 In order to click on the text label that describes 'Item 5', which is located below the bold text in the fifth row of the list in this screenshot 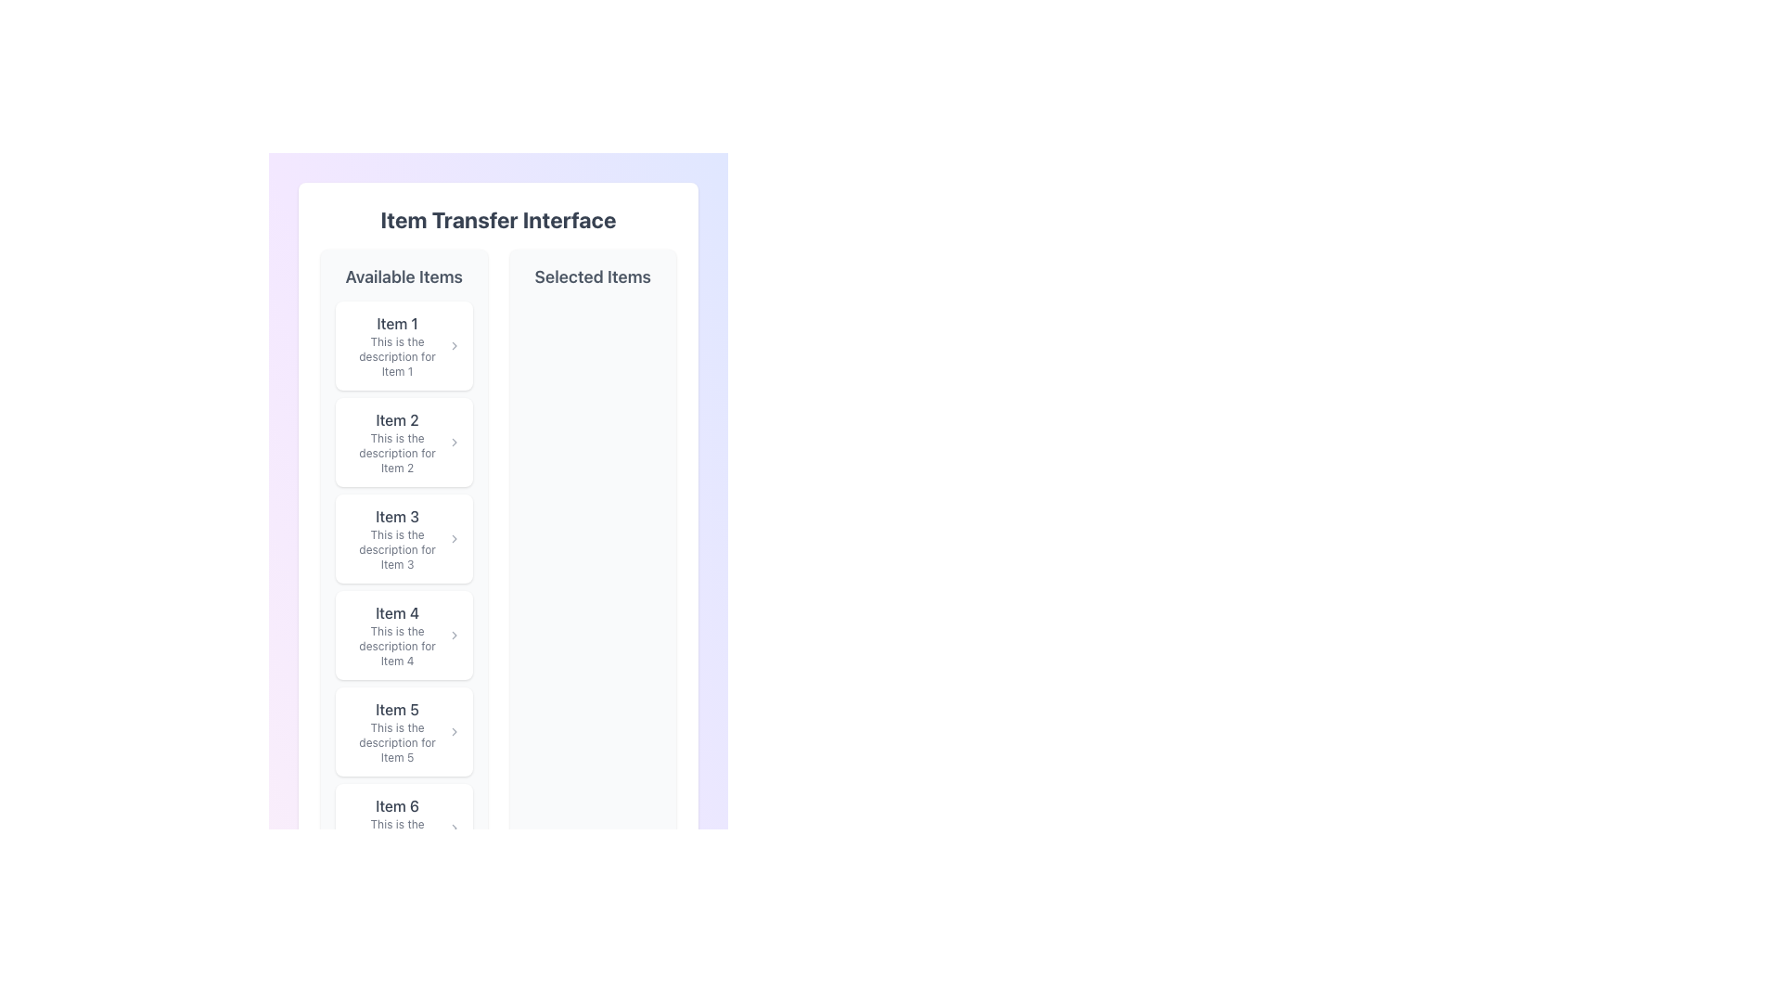, I will do `click(396, 742)`.